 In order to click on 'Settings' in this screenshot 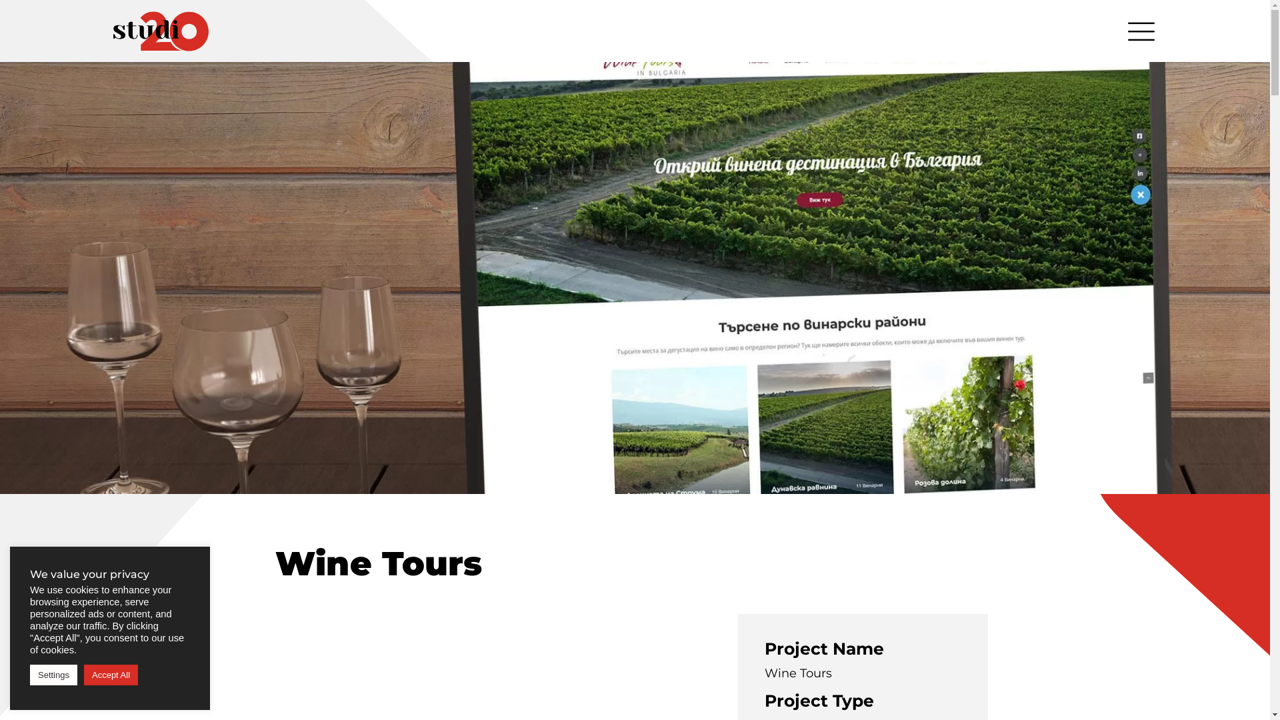, I will do `click(53, 675)`.